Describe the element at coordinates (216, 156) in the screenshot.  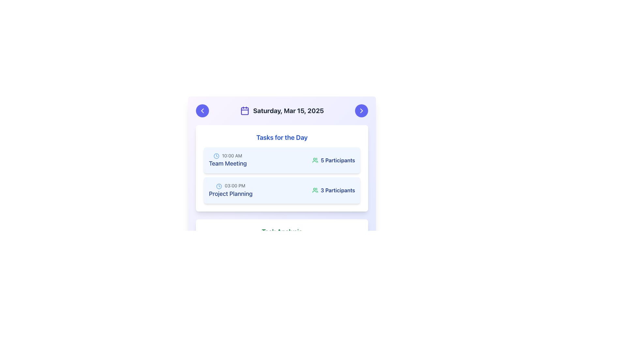
I see `the stylized clock icon, which has a blue outline and is positioned to the left of the text '10:00 AM' in the scheduled task entry` at that location.